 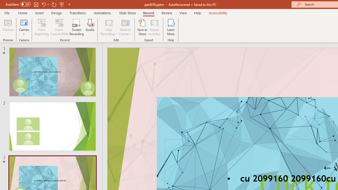 What do you see at coordinates (125, 27) in the screenshot?
I see `'Reset to Cameo'` at bounding box center [125, 27].